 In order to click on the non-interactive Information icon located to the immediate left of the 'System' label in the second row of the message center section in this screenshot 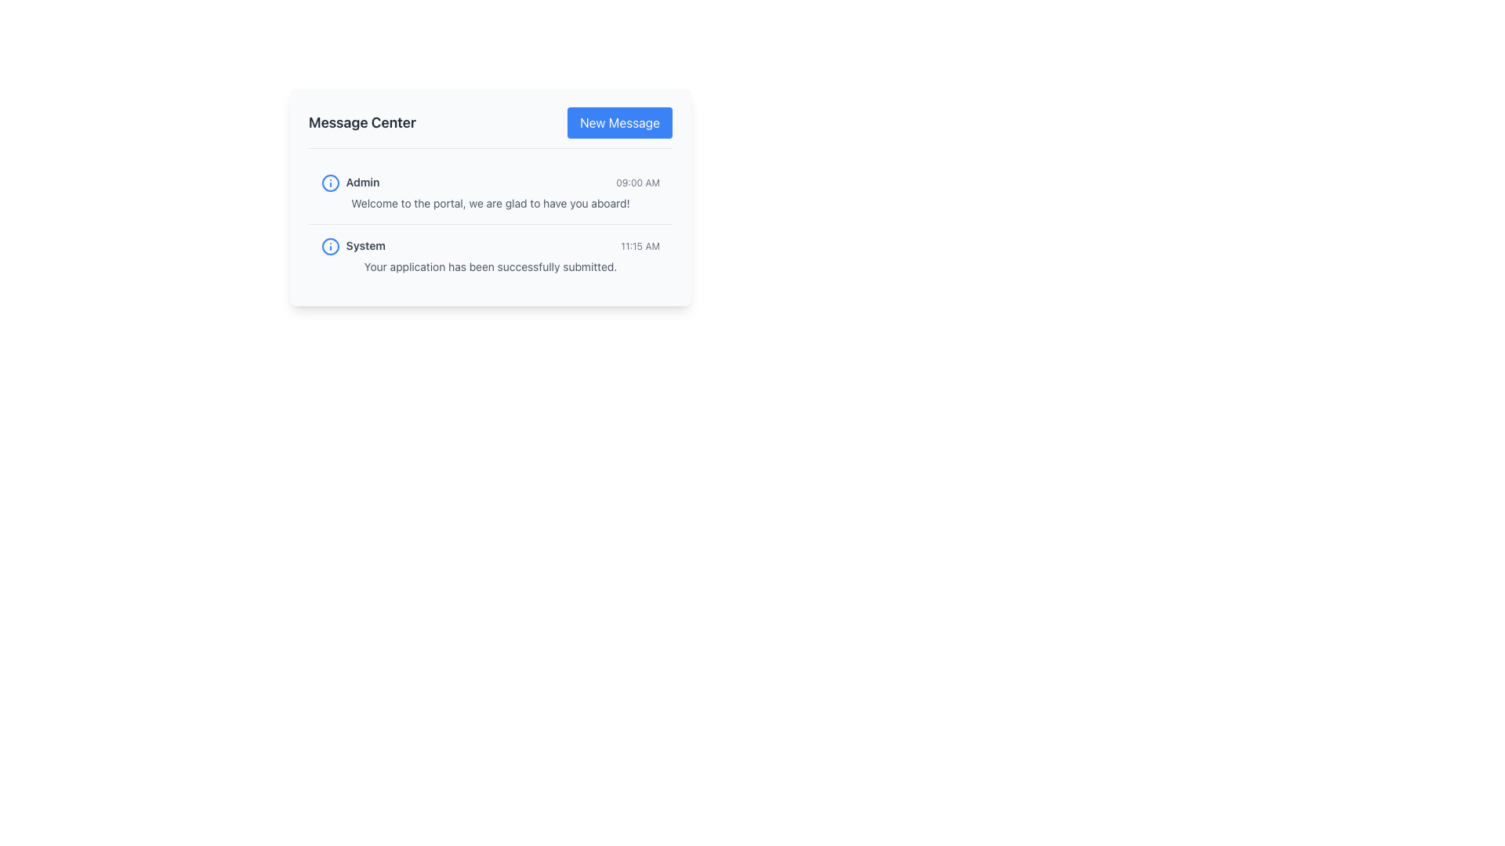, I will do `click(330, 247)`.